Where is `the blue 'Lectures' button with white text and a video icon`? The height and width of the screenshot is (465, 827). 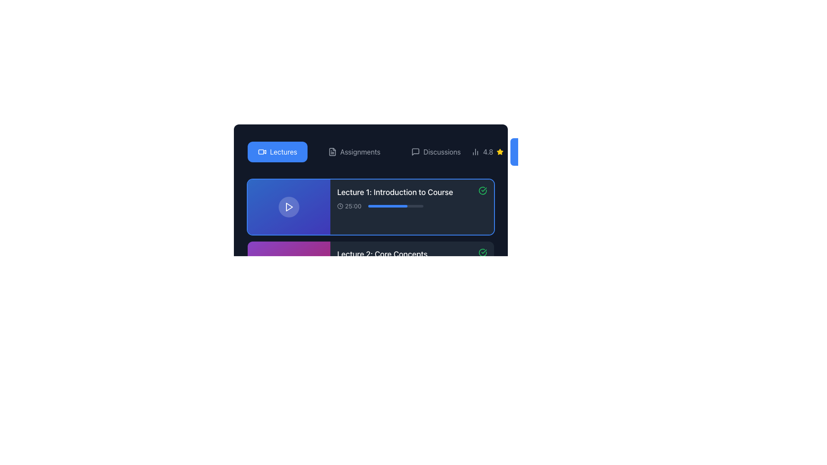
the blue 'Lectures' button with white text and a video icon is located at coordinates (277, 152).